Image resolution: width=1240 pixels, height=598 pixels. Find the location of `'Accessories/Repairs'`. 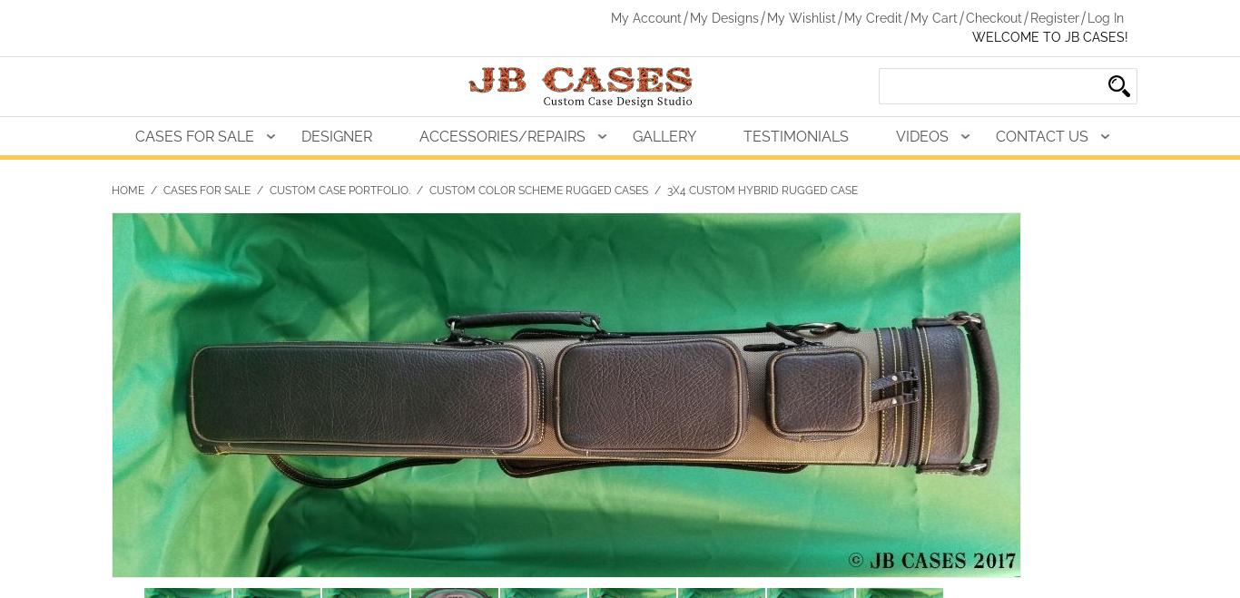

'Accessories/Repairs' is located at coordinates (502, 135).